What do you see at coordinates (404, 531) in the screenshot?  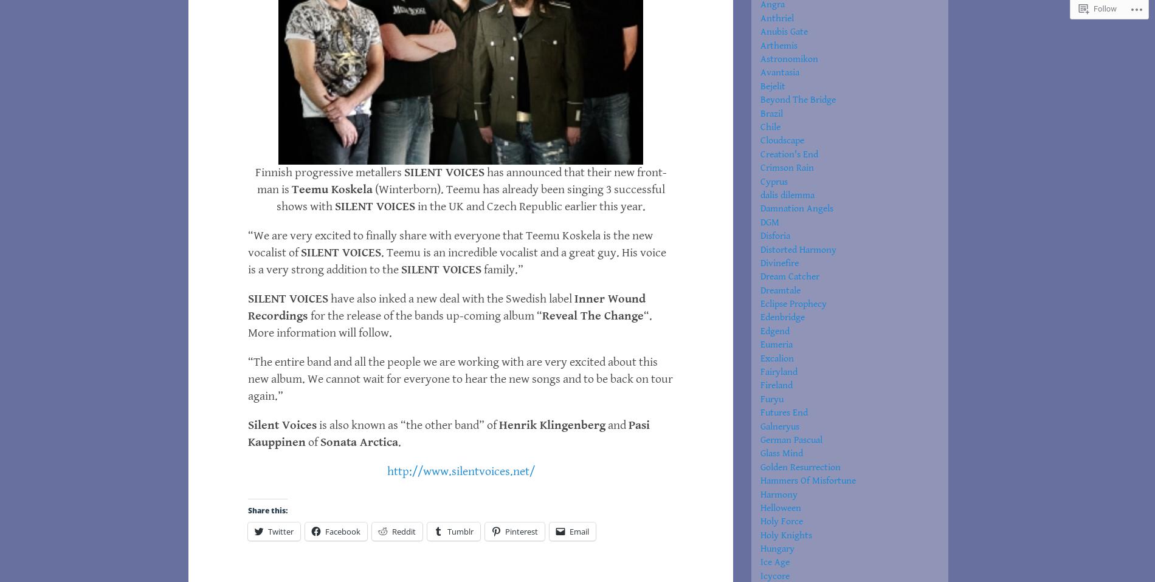 I see `'Reddit'` at bounding box center [404, 531].